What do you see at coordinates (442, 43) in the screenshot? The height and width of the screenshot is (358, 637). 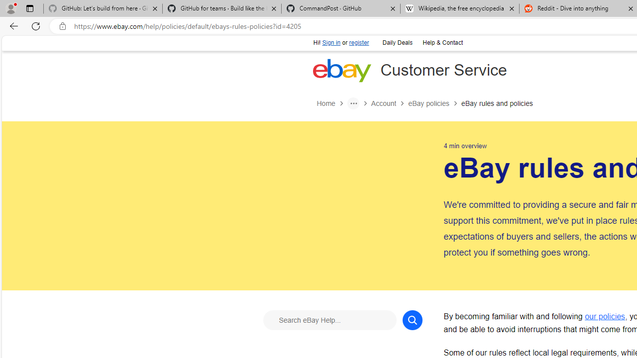 I see `'Help & Contact'` at bounding box center [442, 43].